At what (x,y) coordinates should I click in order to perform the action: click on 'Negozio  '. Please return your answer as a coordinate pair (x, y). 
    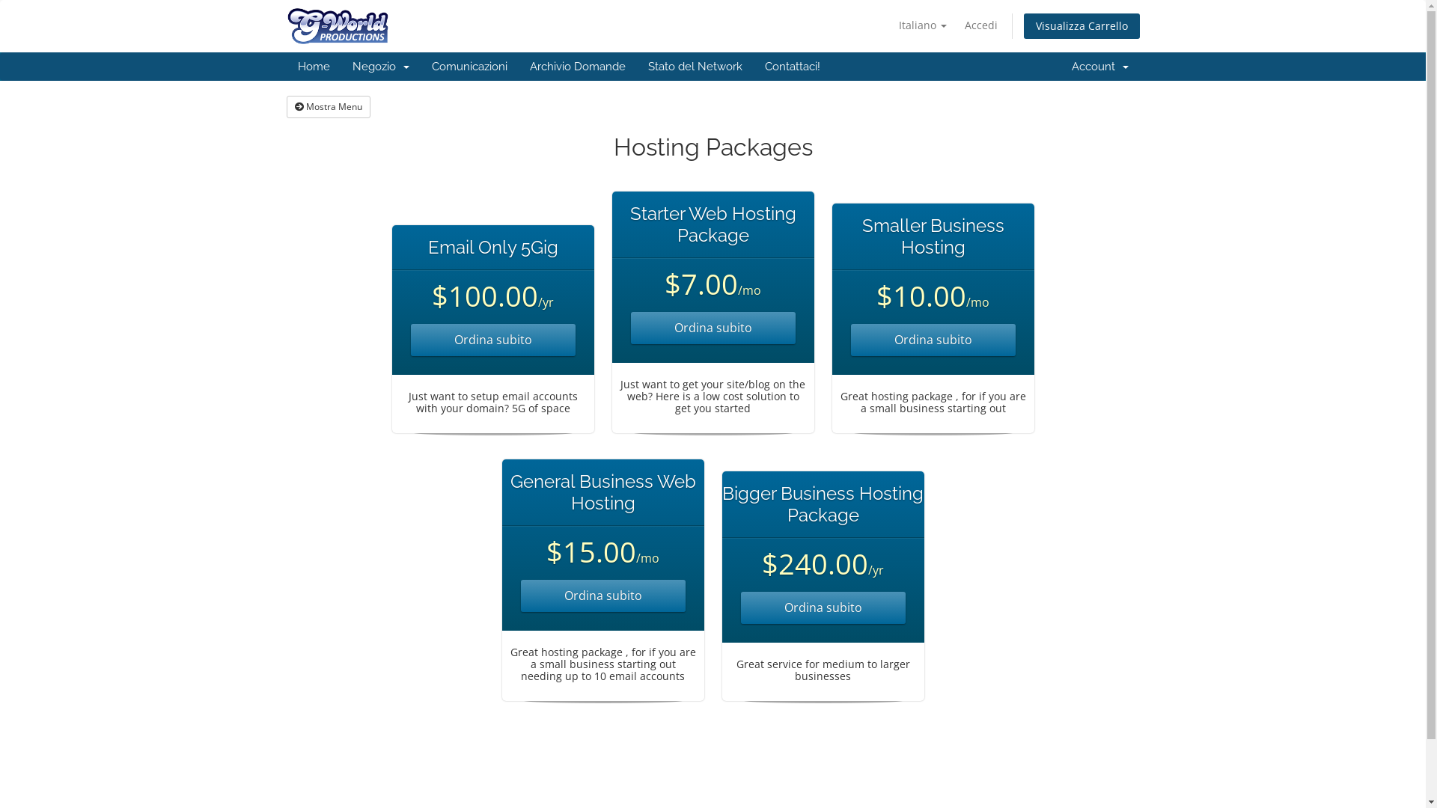
    Looking at the image, I should click on (341, 65).